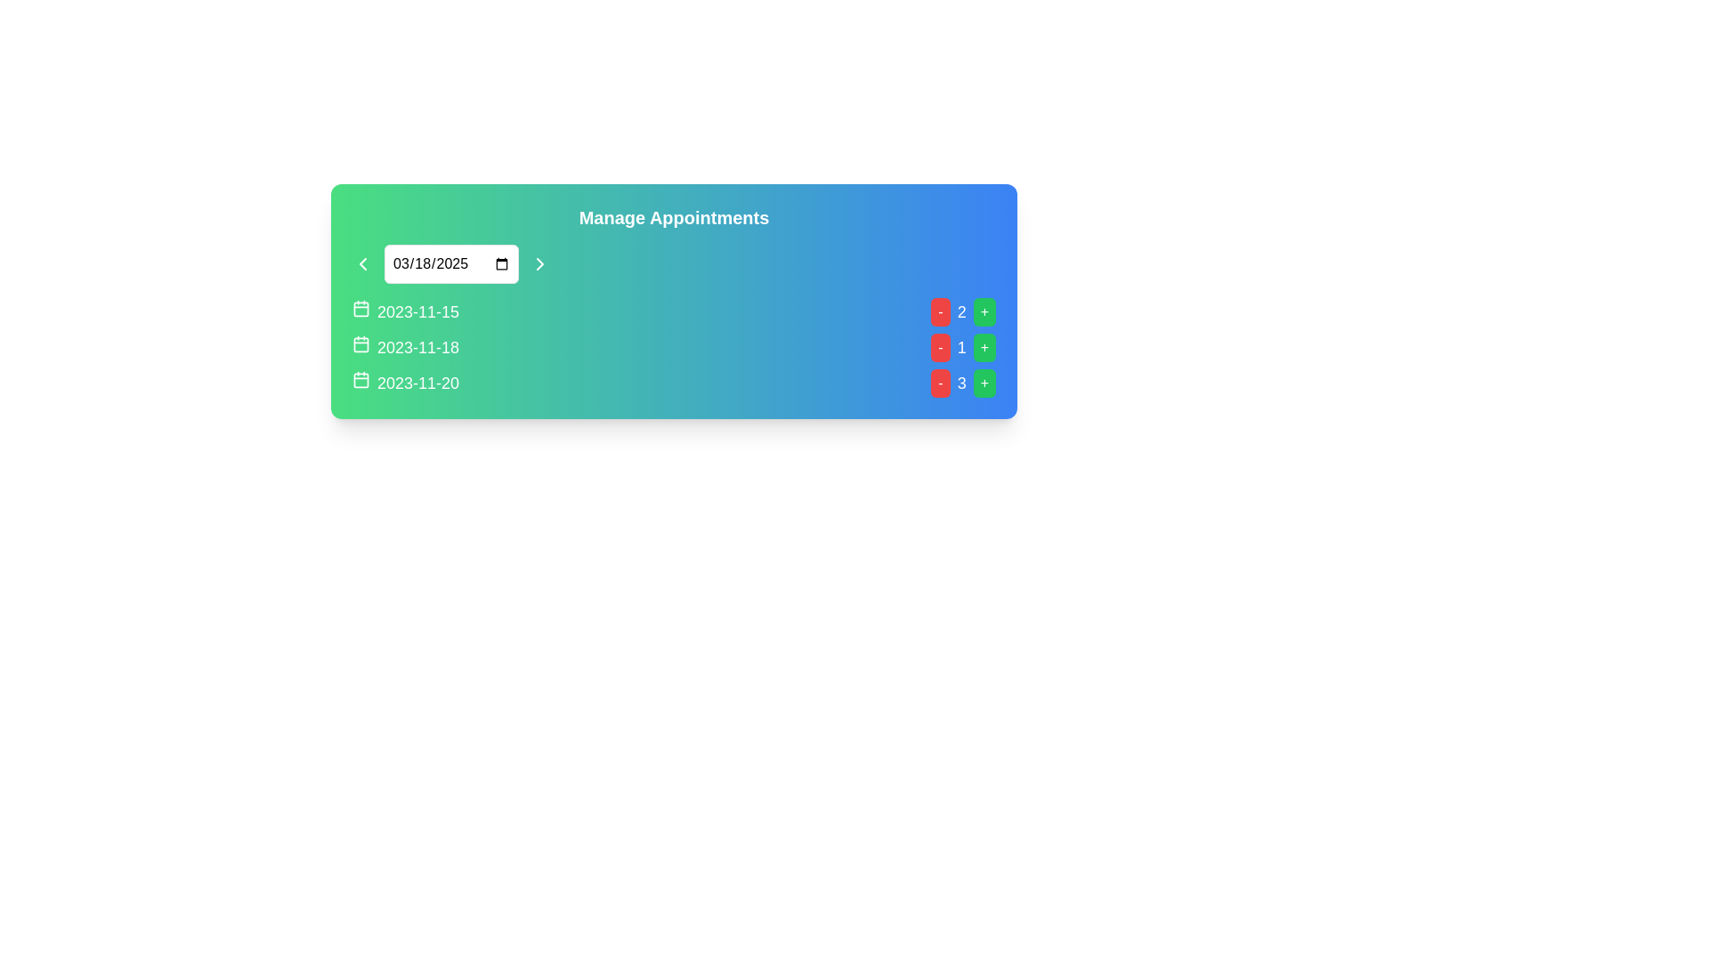 This screenshot has height=961, width=1709. Describe the element at coordinates (417, 311) in the screenshot. I see `the first date label in the vertical list, located in the upper left section of the interface, next to a calendar icon and within a green background block` at that location.